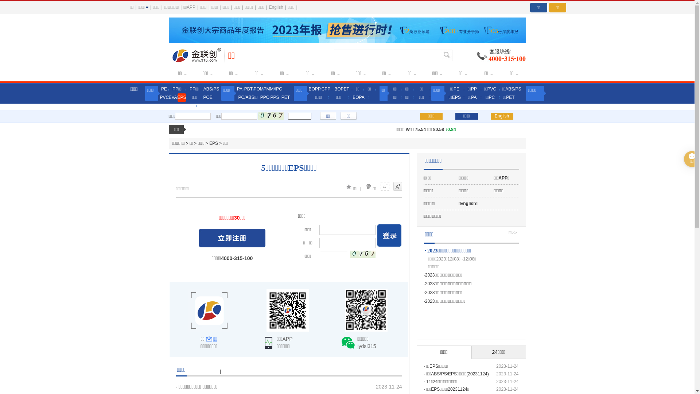 The image size is (700, 394). Describe the element at coordinates (502, 116) in the screenshot. I see `'English'` at that location.